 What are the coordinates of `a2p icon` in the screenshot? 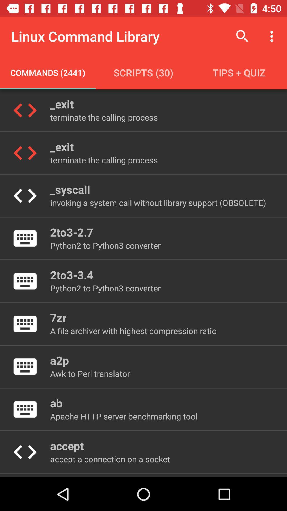 It's located at (60, 360).